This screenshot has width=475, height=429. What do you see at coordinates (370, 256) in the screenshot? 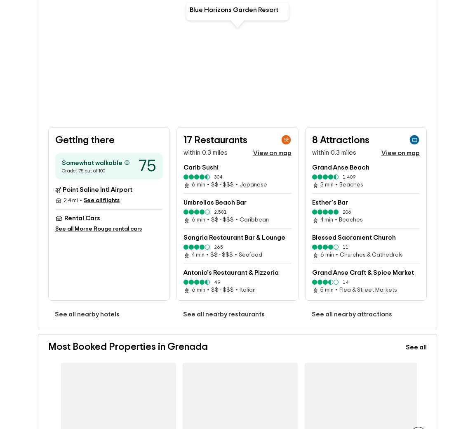
I see `'Churches & Cathedrals'` at bounding box center [370, 256].